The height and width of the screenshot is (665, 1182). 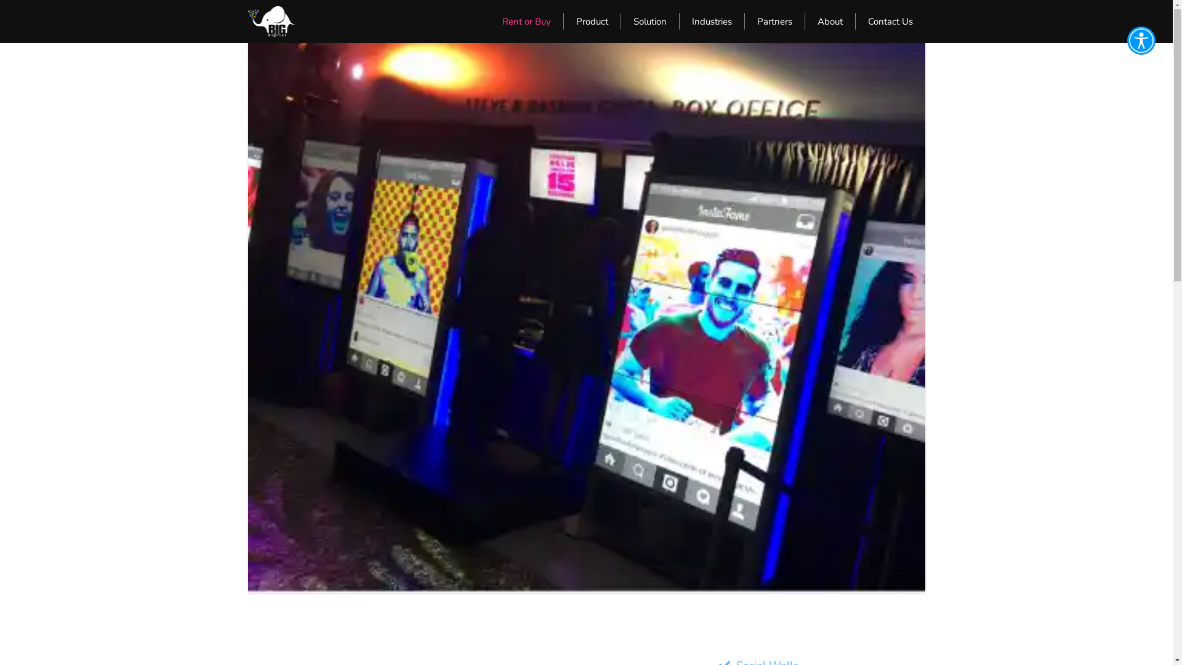 I want to click on 'Rent or Buy', so click(x=526, y=21).